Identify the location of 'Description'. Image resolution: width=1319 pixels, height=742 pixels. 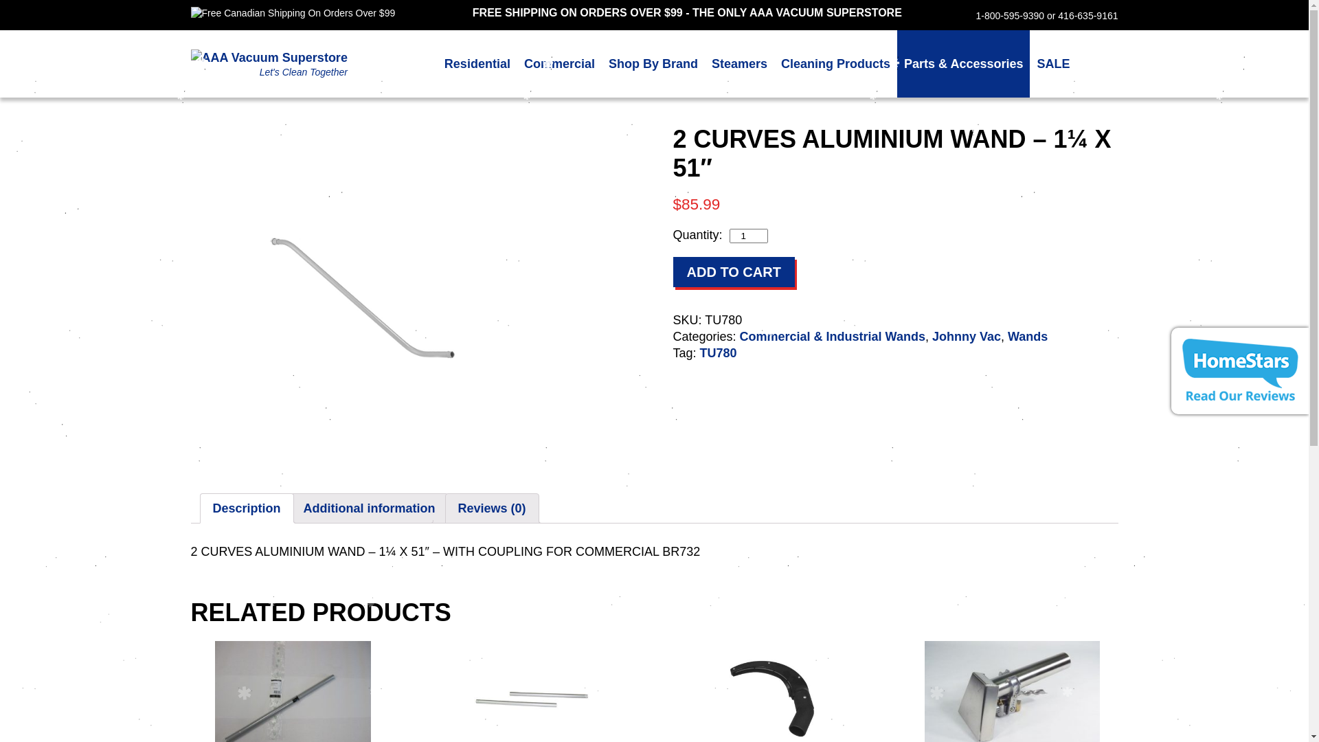
(247, 508).